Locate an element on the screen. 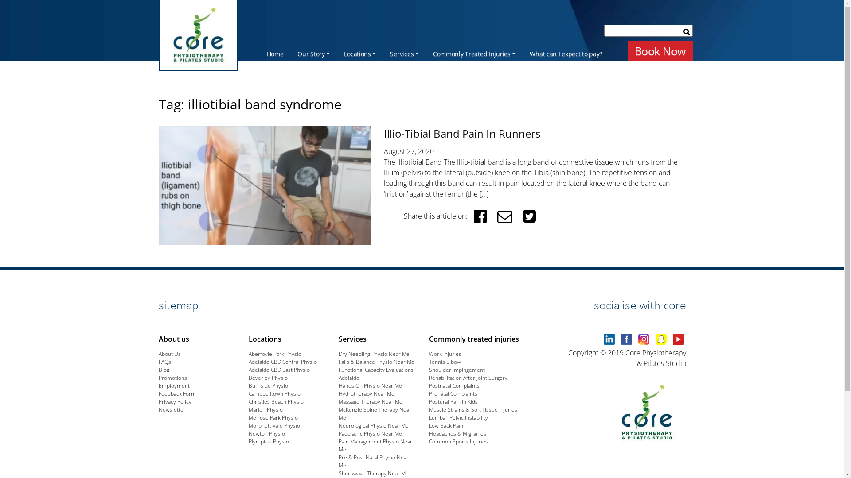 The height and width of the screenshot is (478, 851). 'Pain Management Physio Near Me' is located at coordinates (375, 445).